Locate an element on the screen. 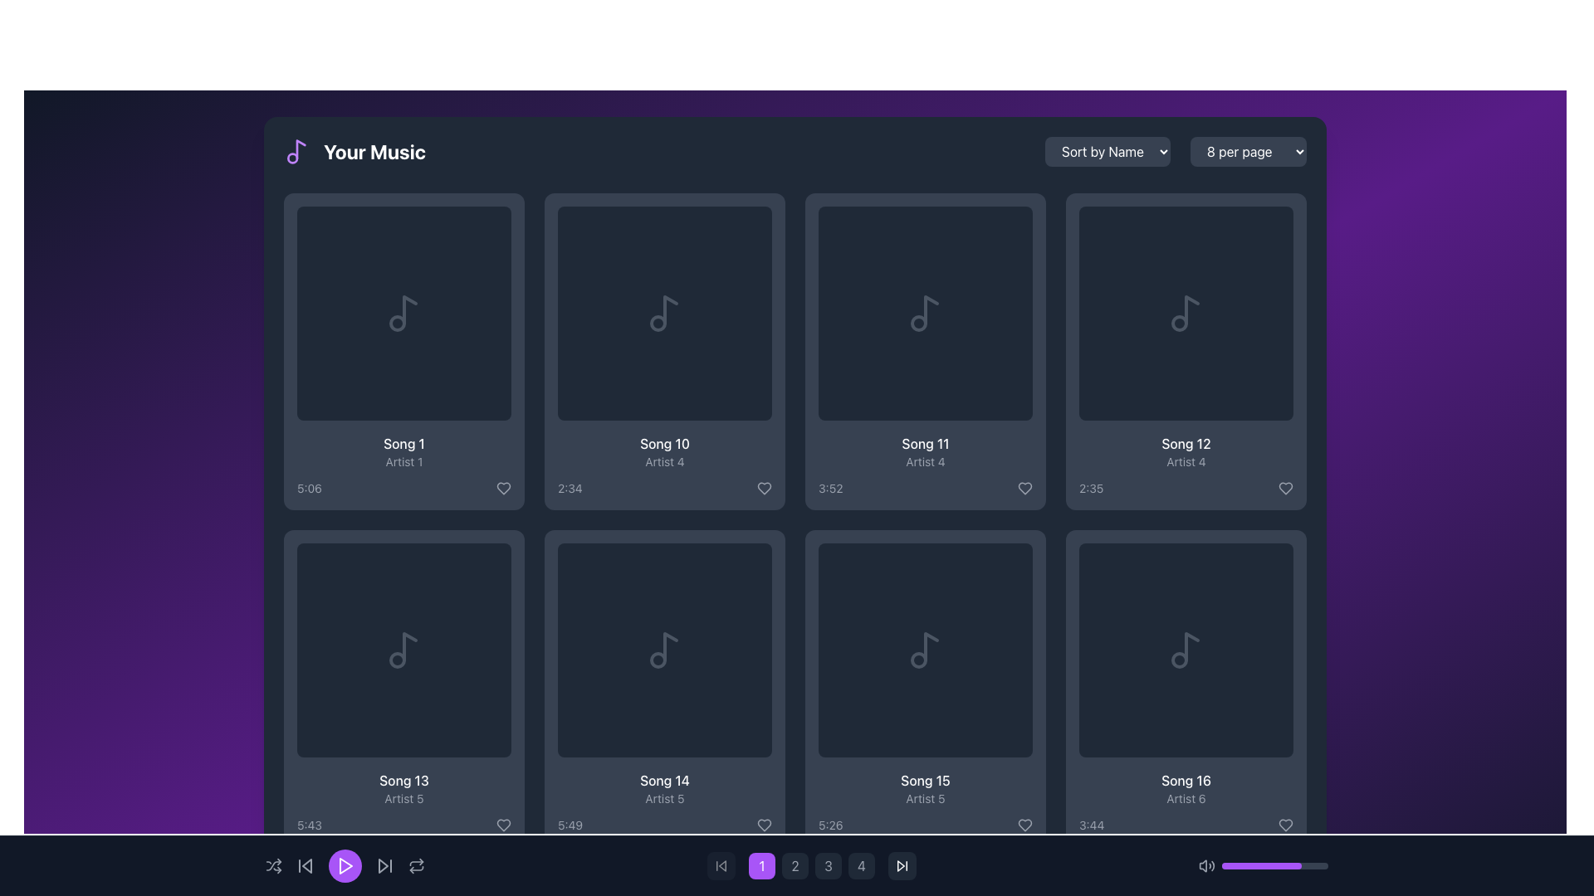 Image resolution: width=1594 pixels, height=896 pixels. the musical note icon located in the square tile of the fifth song in the list, titled 'Song 15' by 'Artist 5', which is centered in the second row and third column of the grid layout is located at coordinates (924, 649).